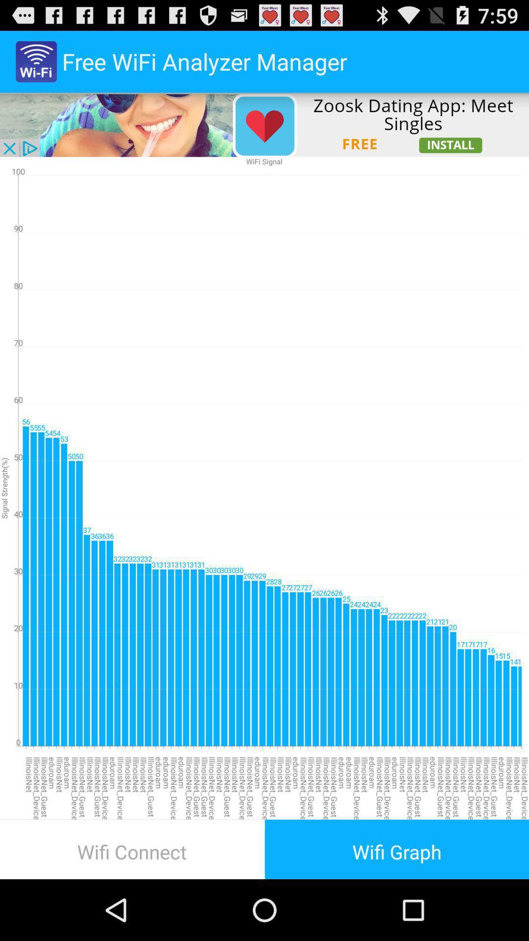 The image size is (529, 941). What do you see at coordinates (264, 124) in the screenshot?
I see `advertisement option` at bounding box center [264, 124].